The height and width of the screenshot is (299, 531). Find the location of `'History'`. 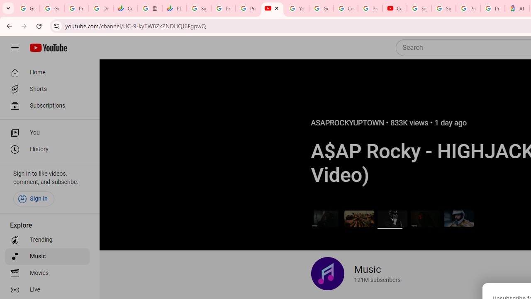

'History' is located at coordinates (46, 149).